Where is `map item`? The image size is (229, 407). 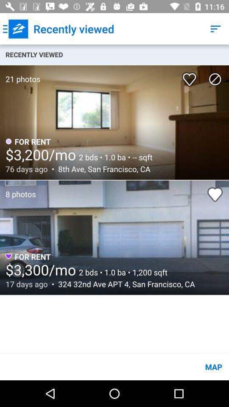
map item is located at coordinates (114, 366).